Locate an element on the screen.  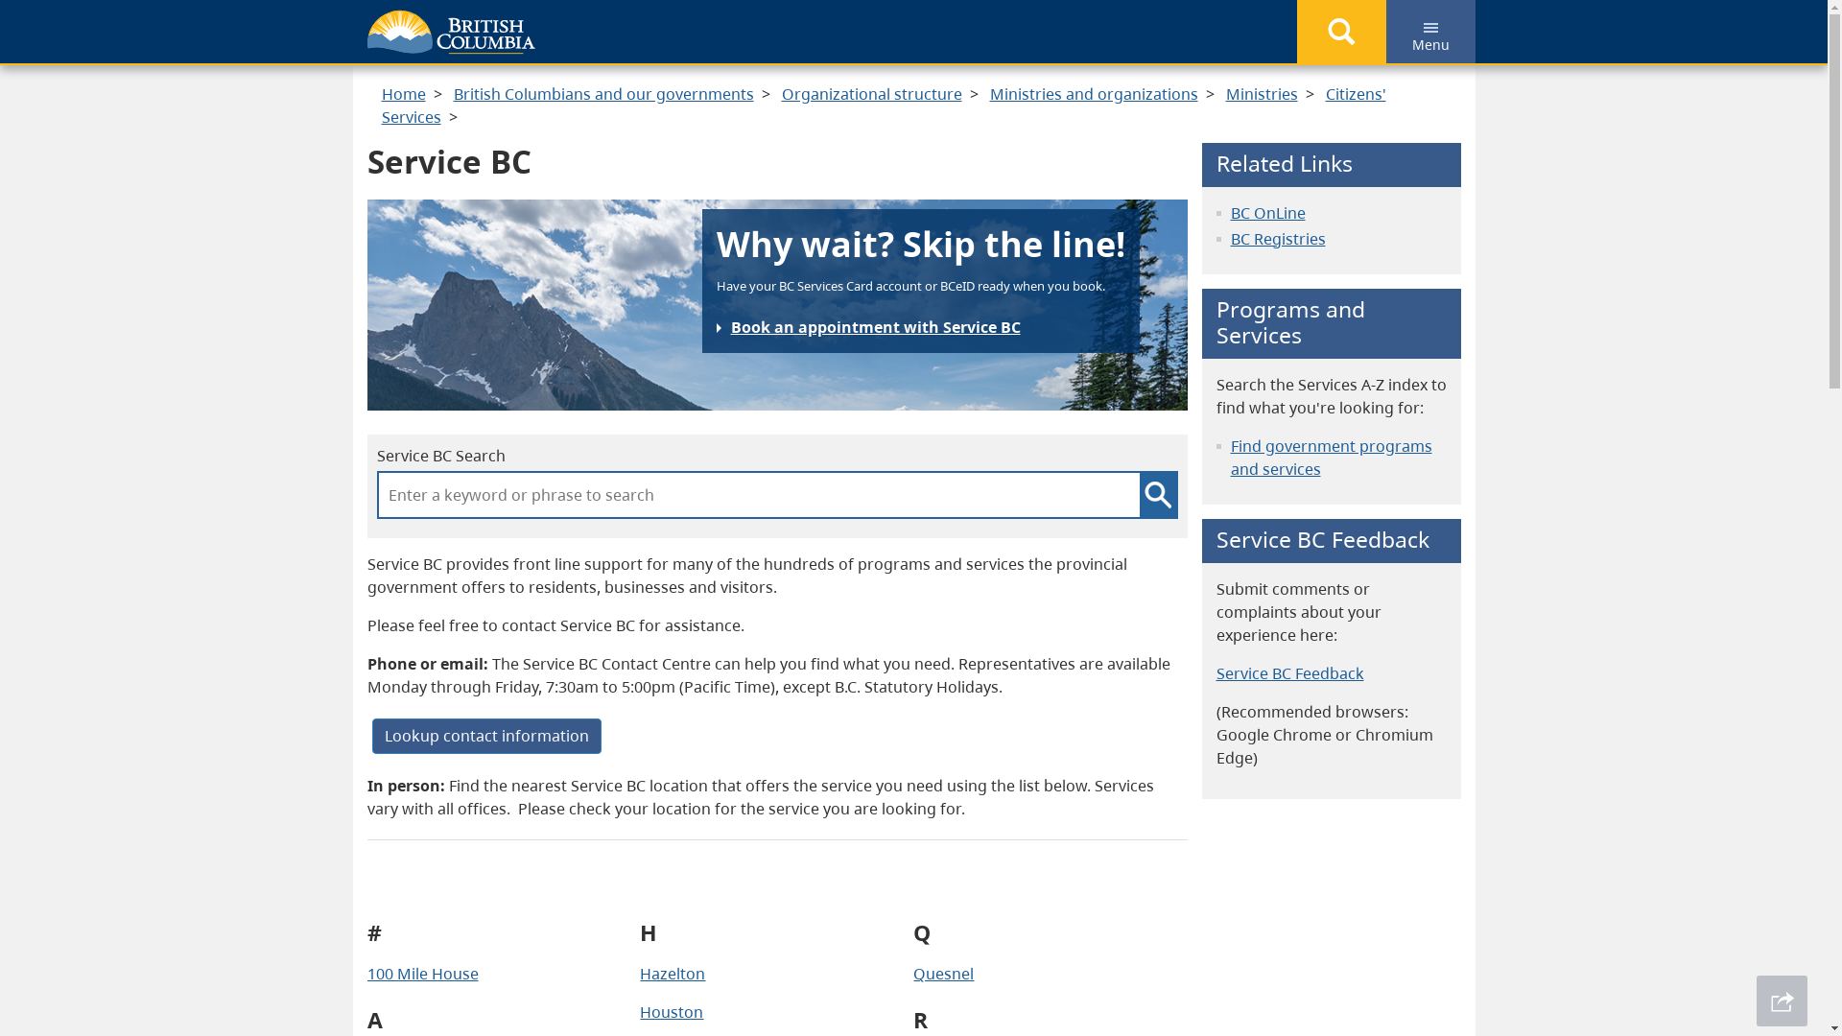
'Menu' is located at coordinates (1429, 32).